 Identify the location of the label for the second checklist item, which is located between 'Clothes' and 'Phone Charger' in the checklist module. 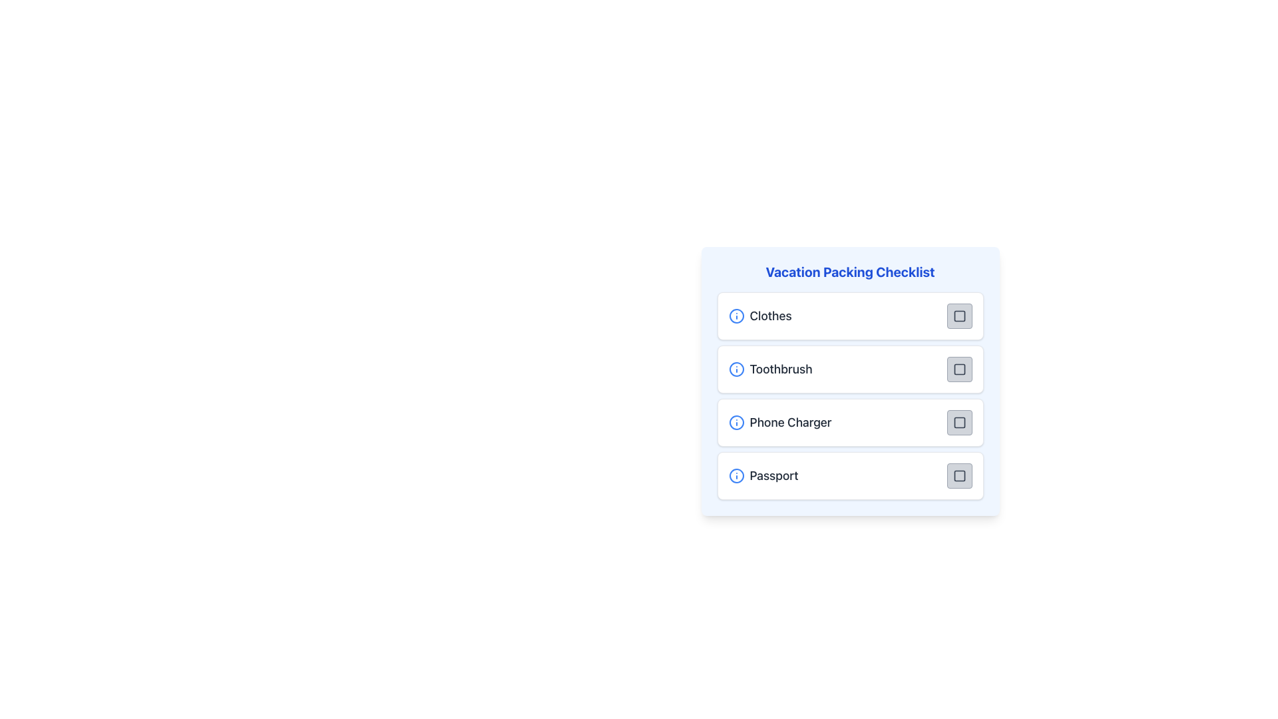
(781, 369).